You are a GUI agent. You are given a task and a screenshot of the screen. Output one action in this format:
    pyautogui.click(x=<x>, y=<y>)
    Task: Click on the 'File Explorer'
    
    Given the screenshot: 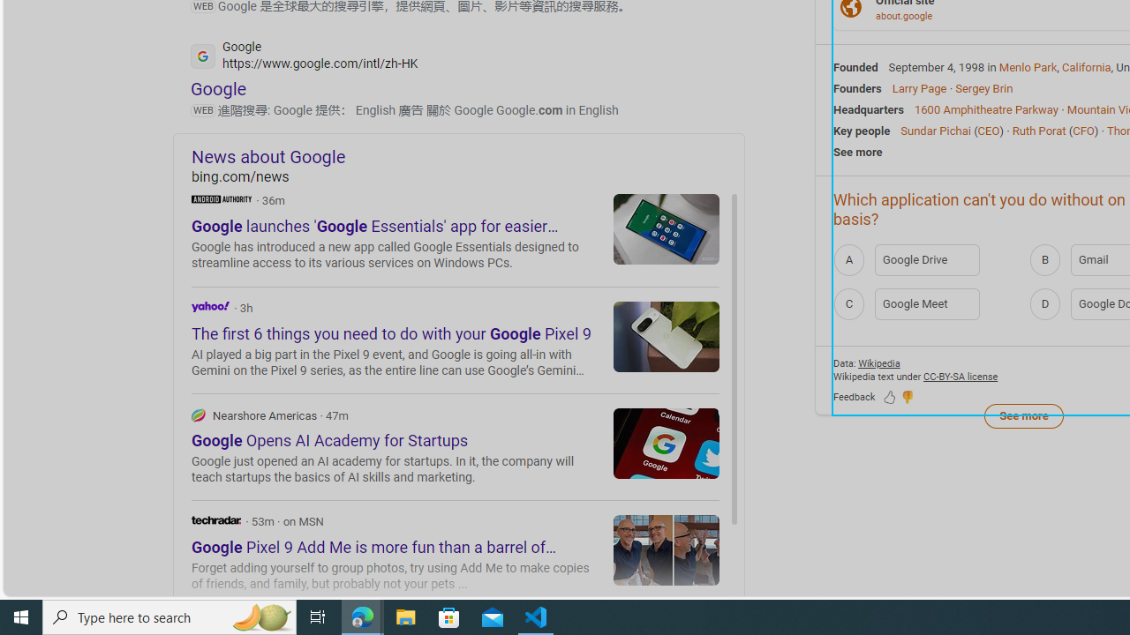 What is the action you would take?
    pyautogui.click(x=405, y=616)
    